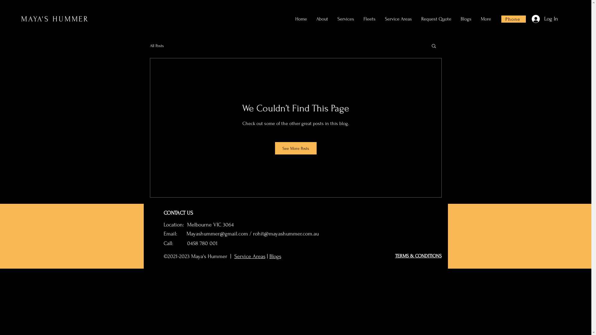 This screenshot has width=596, height=335. Describe the element at coordinates (544, 19) in the screenshot. I see `'Log In'` at that location.